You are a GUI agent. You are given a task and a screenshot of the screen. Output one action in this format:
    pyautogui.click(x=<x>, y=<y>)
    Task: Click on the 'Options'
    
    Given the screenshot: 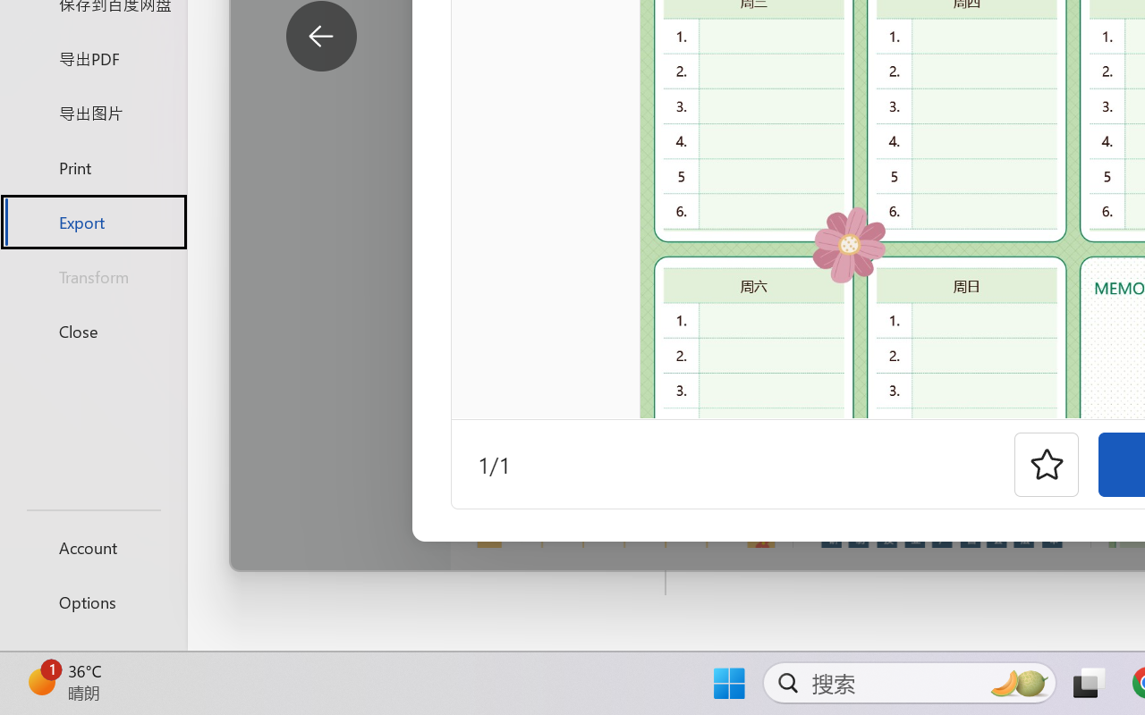 What is the action you would take?
    pyautogui.click(x=92, y=601)
    